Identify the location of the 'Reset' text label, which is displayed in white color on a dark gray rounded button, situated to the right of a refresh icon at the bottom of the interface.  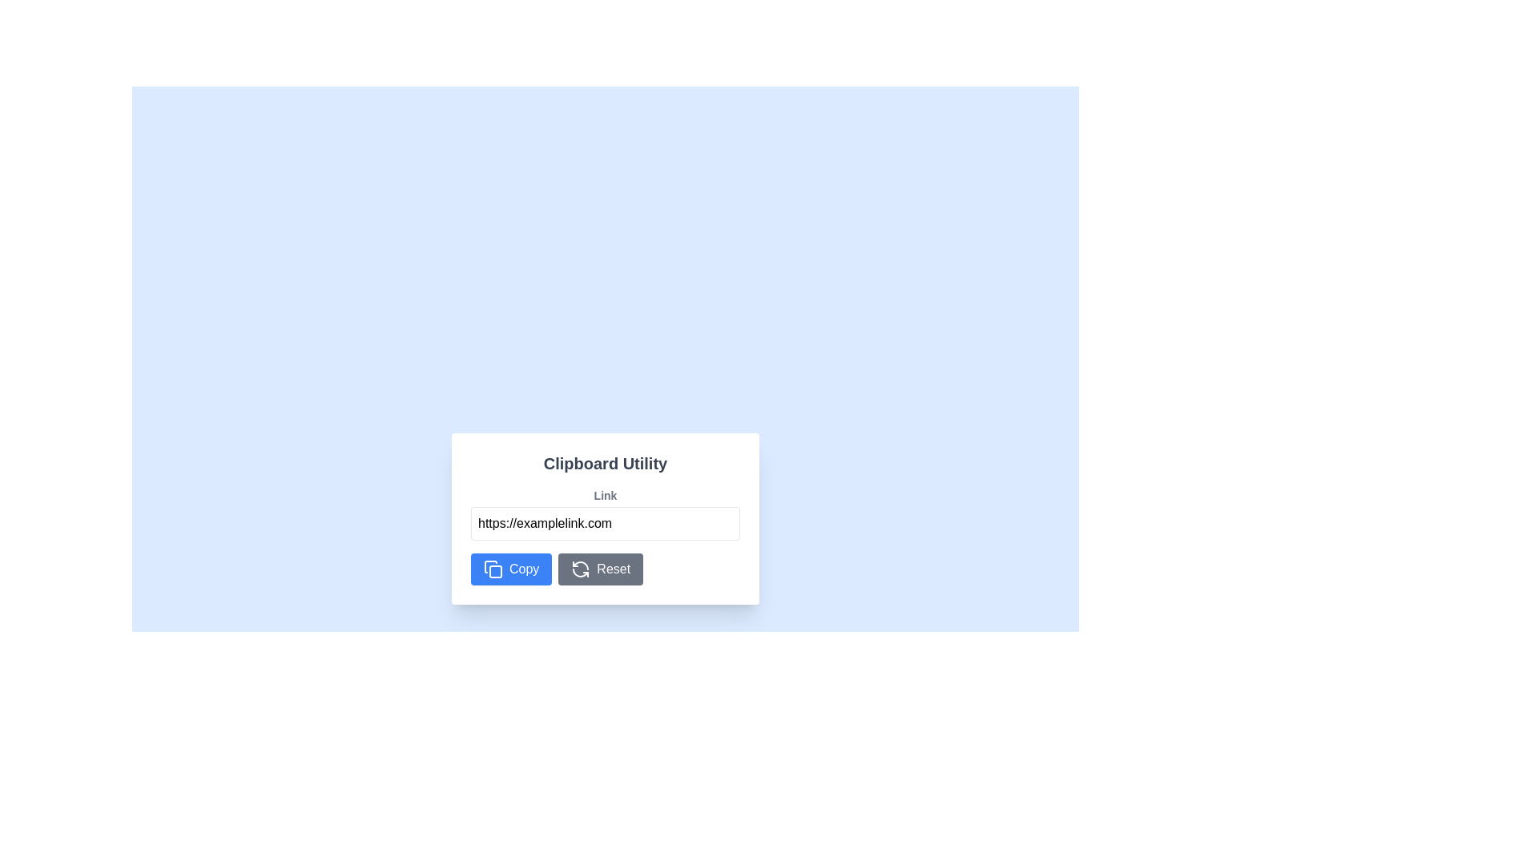
(613, 568).